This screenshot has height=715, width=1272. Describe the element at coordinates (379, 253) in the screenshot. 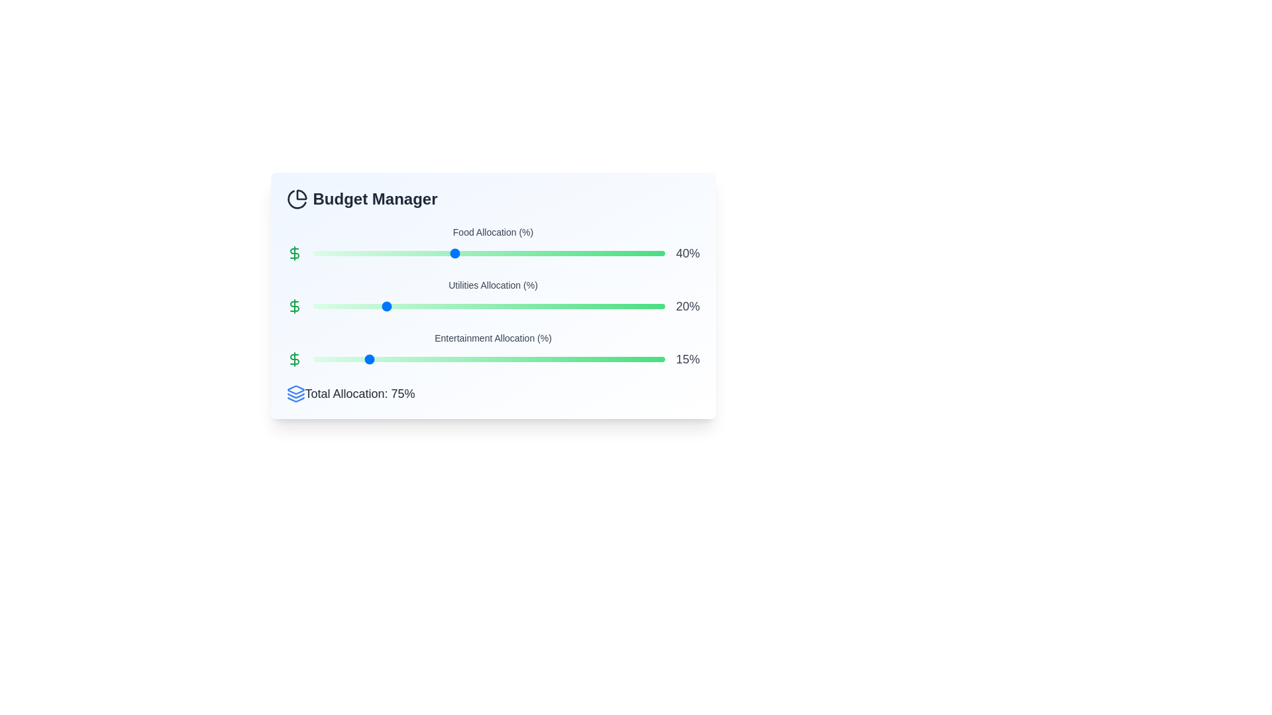

I see `the Food Allocation slider to 19%` at that location.